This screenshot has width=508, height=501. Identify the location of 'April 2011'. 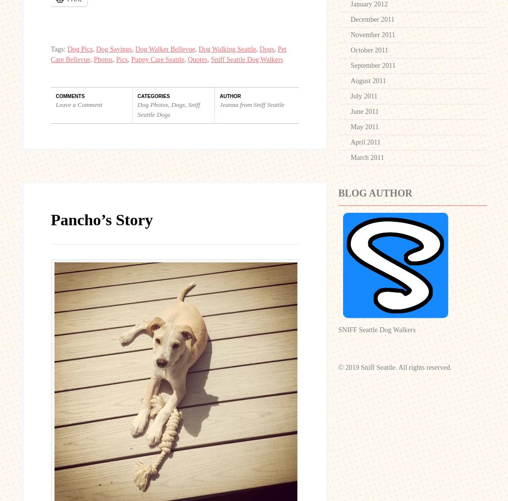
(365, 142).